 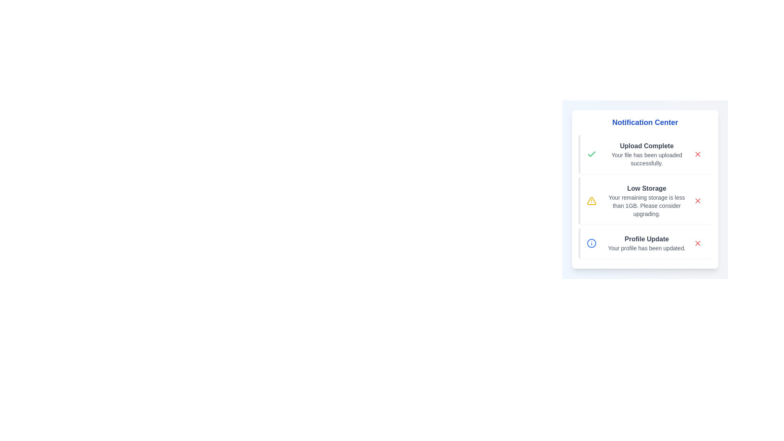 What do you see at coordinates (592, 154) in the screenshot?
I see `the green checkmark icon indicating success, which is located at the top-left of the notification card, next to the 'Upload Complete' text` at bounding box center [592, 154].